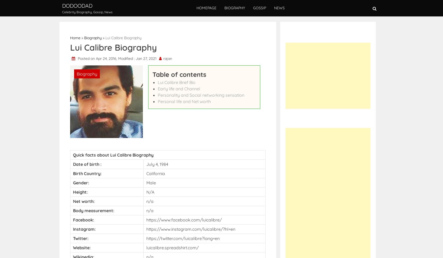 This screenshot has width=443, height=258. What do you see at coordinates (117, 58) in the screenshot?
I see `'Posted on Apr 24, 2016,                                                 Modified : Jan 27, 2021'` at bounding box center [117, 58].